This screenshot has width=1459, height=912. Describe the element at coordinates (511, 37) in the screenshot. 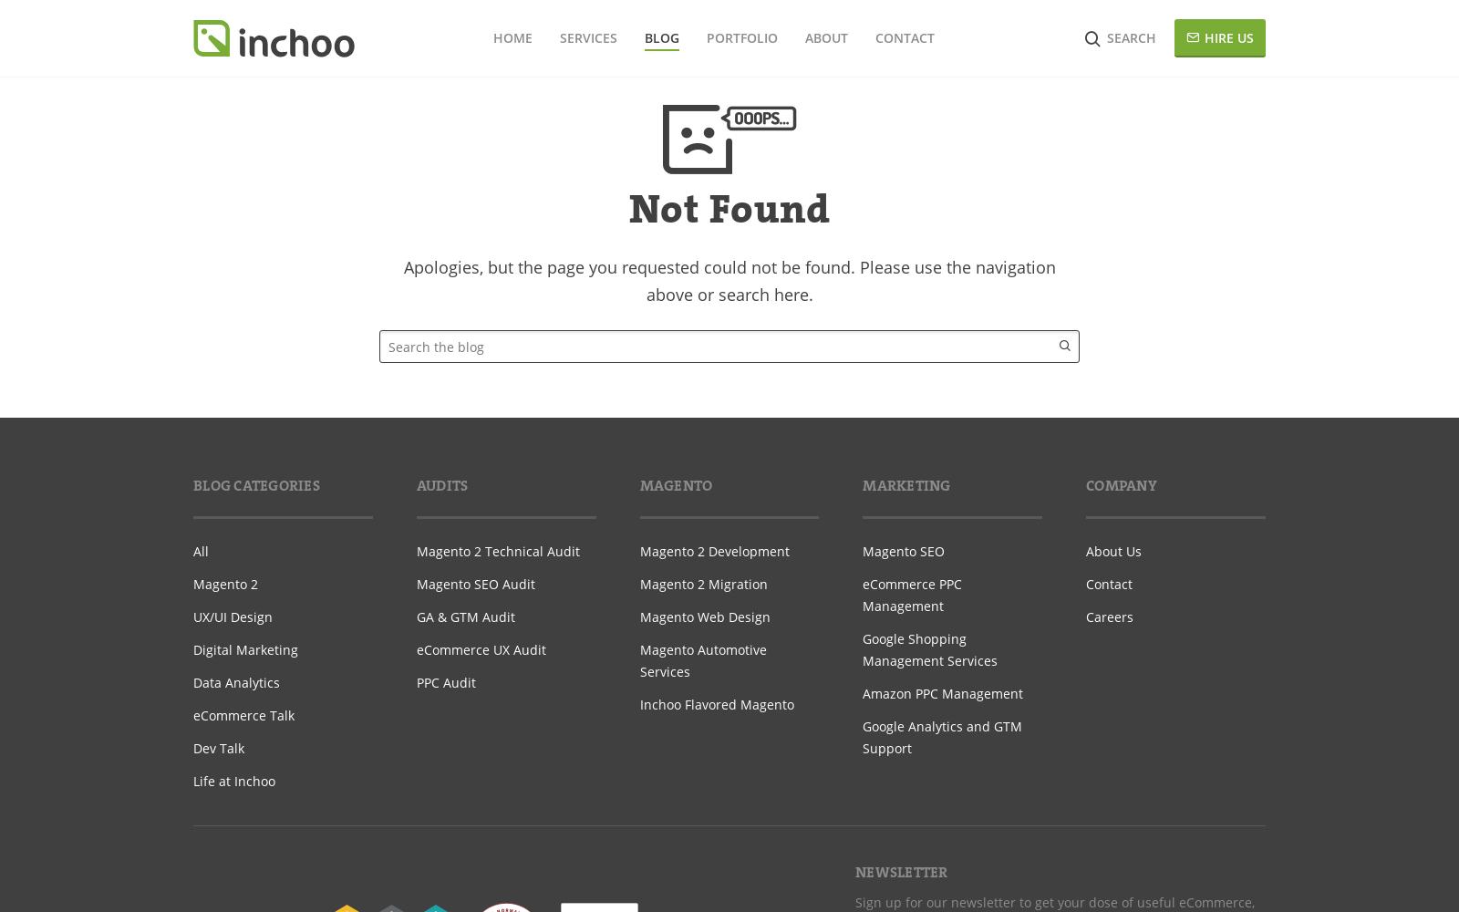

I see `'Home'` at that location.